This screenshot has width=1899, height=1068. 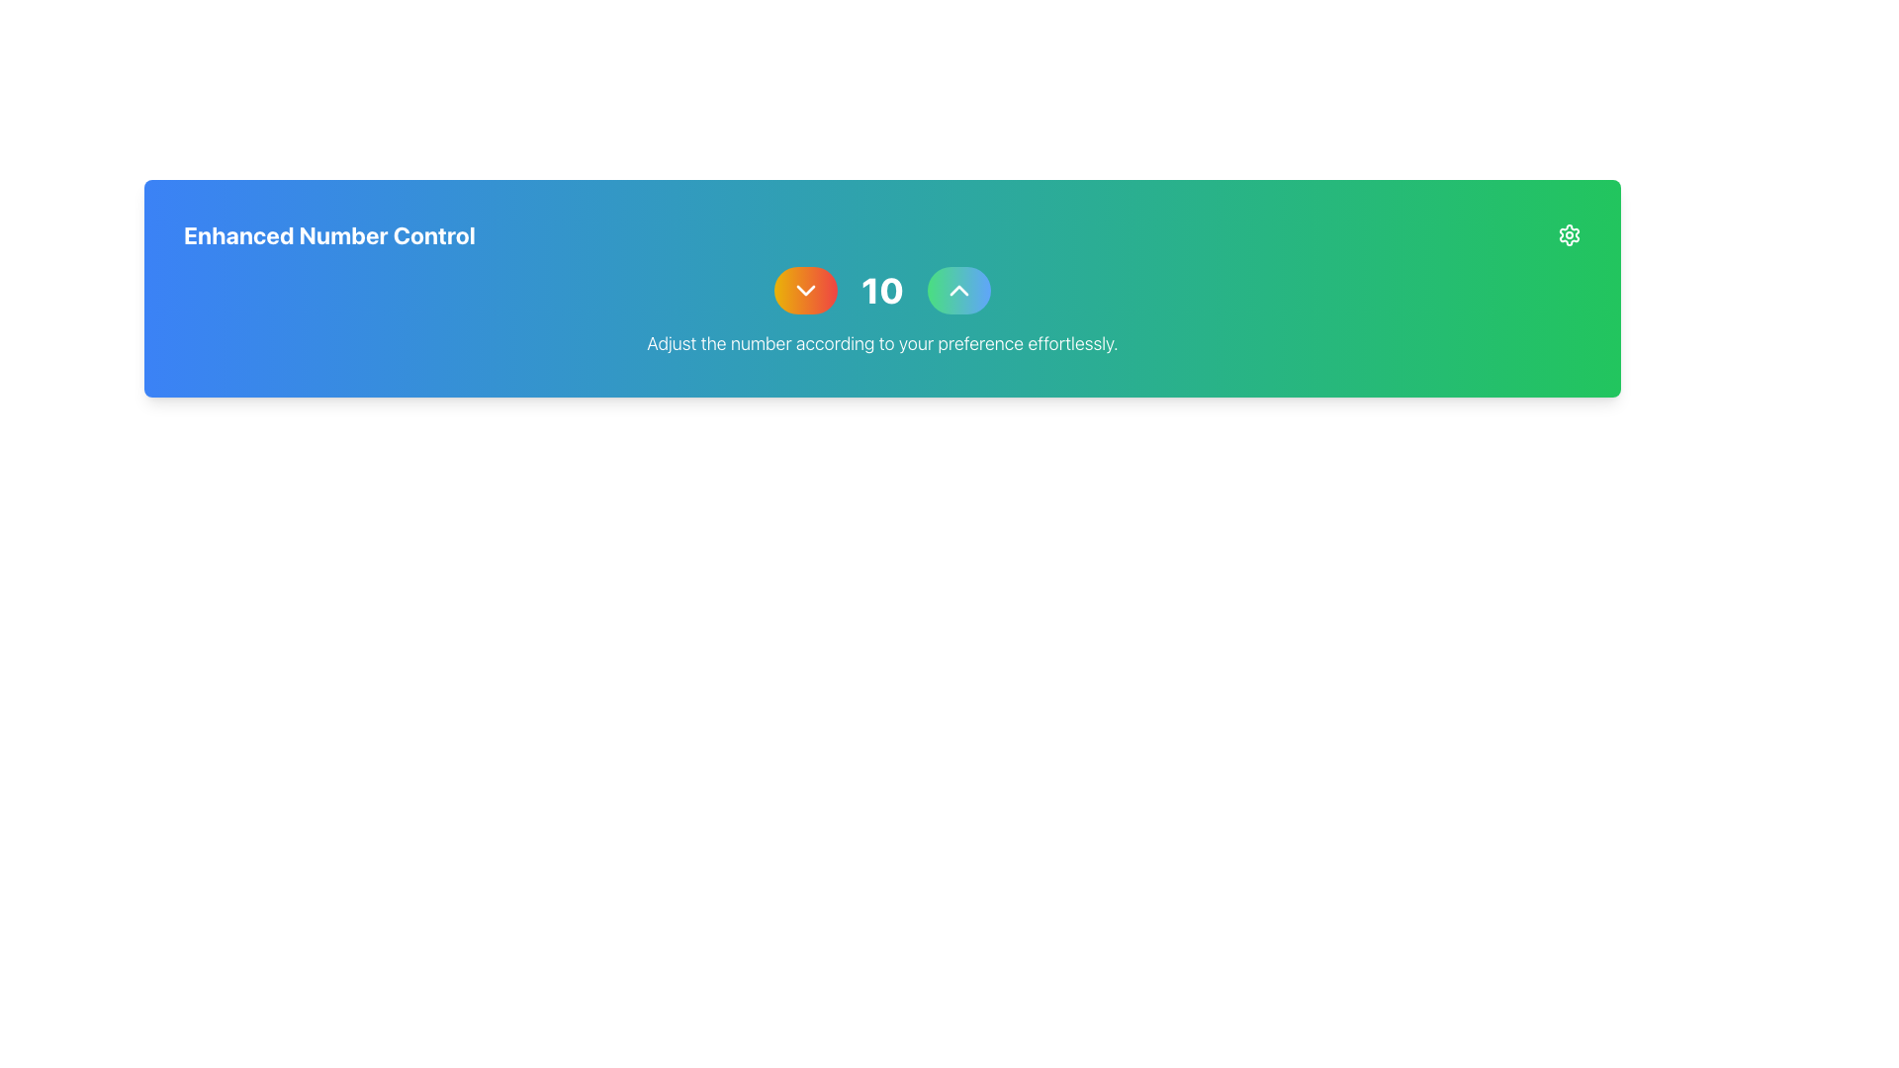 I want to click on the triangular upward-pointing arrow icon inside the circular button to increase the numeric value, so click(x=958, y=290).